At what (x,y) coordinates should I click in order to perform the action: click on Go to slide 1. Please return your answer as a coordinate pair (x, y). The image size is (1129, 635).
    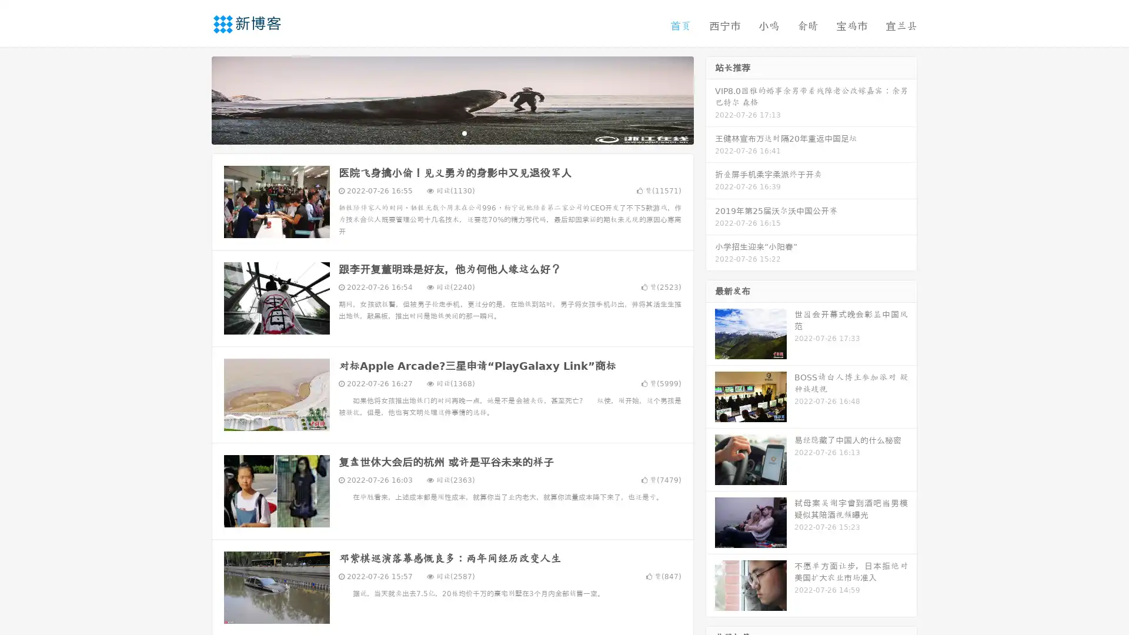
    Looking at the image, I should click on (440, 132).